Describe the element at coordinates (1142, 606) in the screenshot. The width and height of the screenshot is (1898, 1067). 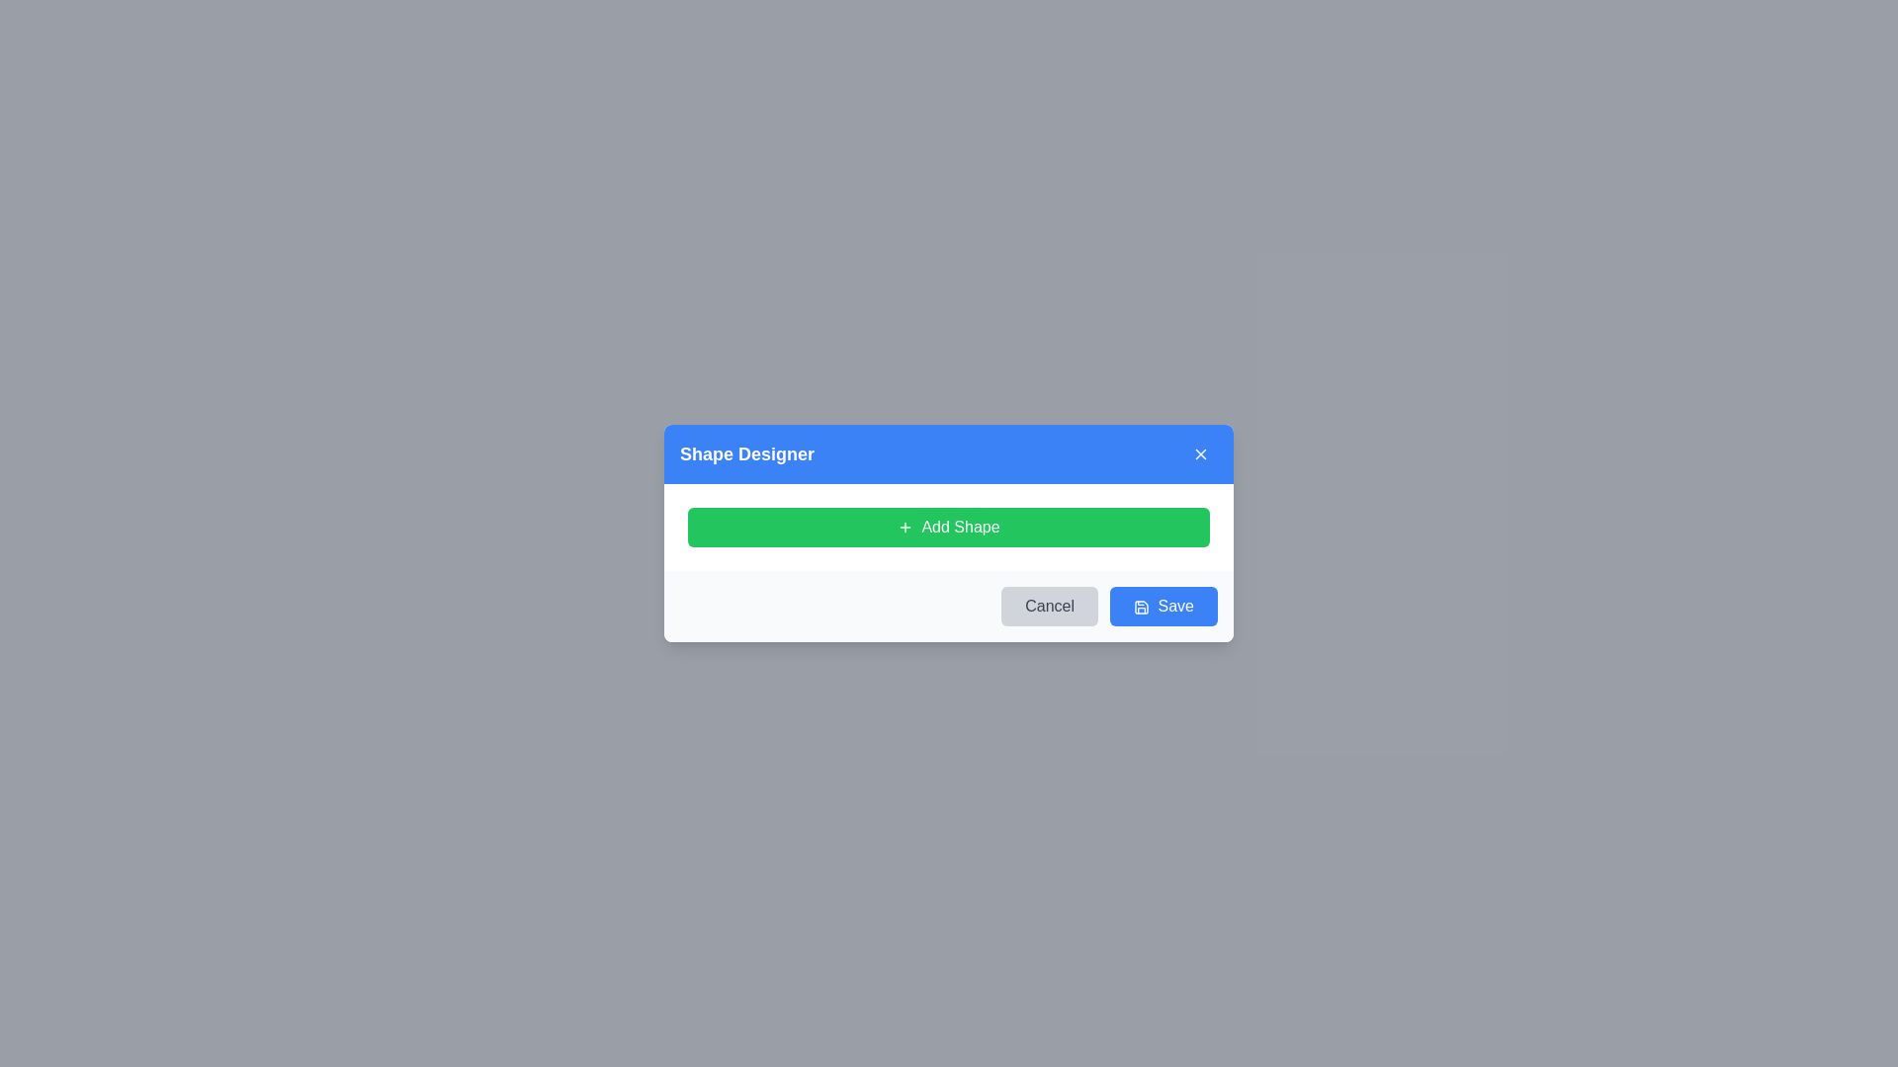
I see `the 'Save' icon, which is styled as a classic floppy disk shape and positioned to the left of the Save button text at the bottom-right of the dialog box` at that location.